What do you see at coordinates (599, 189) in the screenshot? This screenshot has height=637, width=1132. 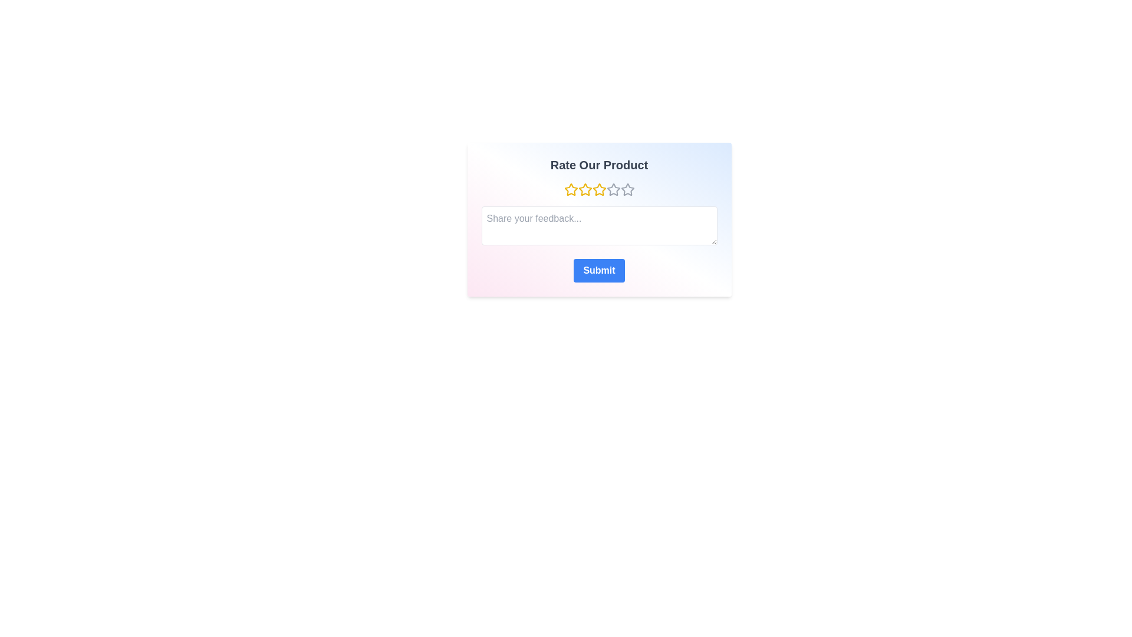 I see `the star representing 3 to set the rating` at bounding box center [599, 189].